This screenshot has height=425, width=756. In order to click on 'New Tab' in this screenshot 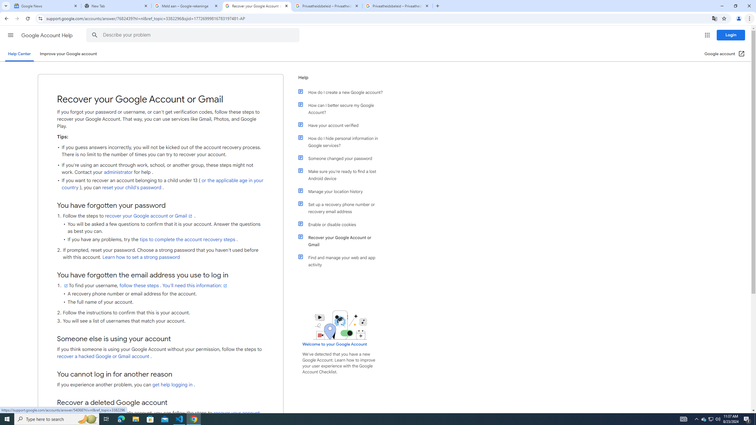, I will do `click(116, 6)`.